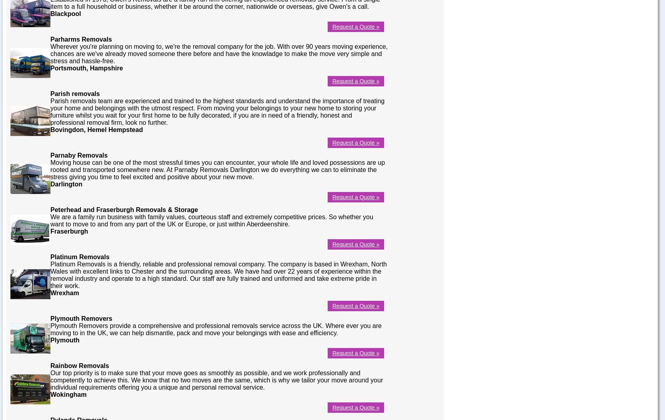  I want to click on 'Platinum Removals is a friendly, reliable and professional removal company. The company is based in Wrexham, North Wales with excellent links to Chester and the surrounding areas. We have had over 22 years of experience within the removal industry and operate to a high standard. Our staff are fully trained and uniformed and take extreme pride in their work.', so click(218, 274).